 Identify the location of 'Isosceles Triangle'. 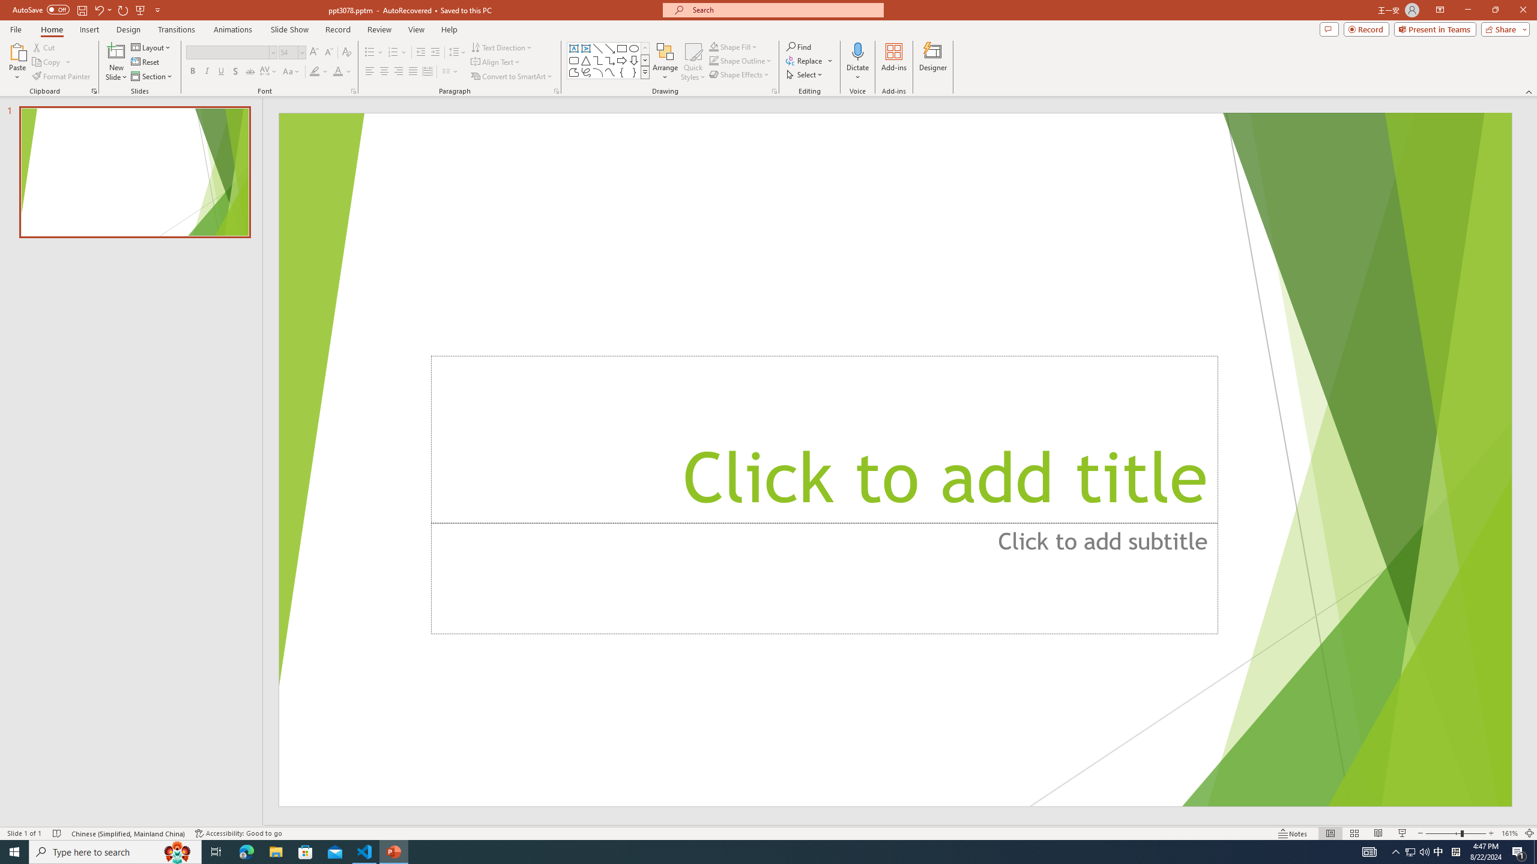
(585, 59).